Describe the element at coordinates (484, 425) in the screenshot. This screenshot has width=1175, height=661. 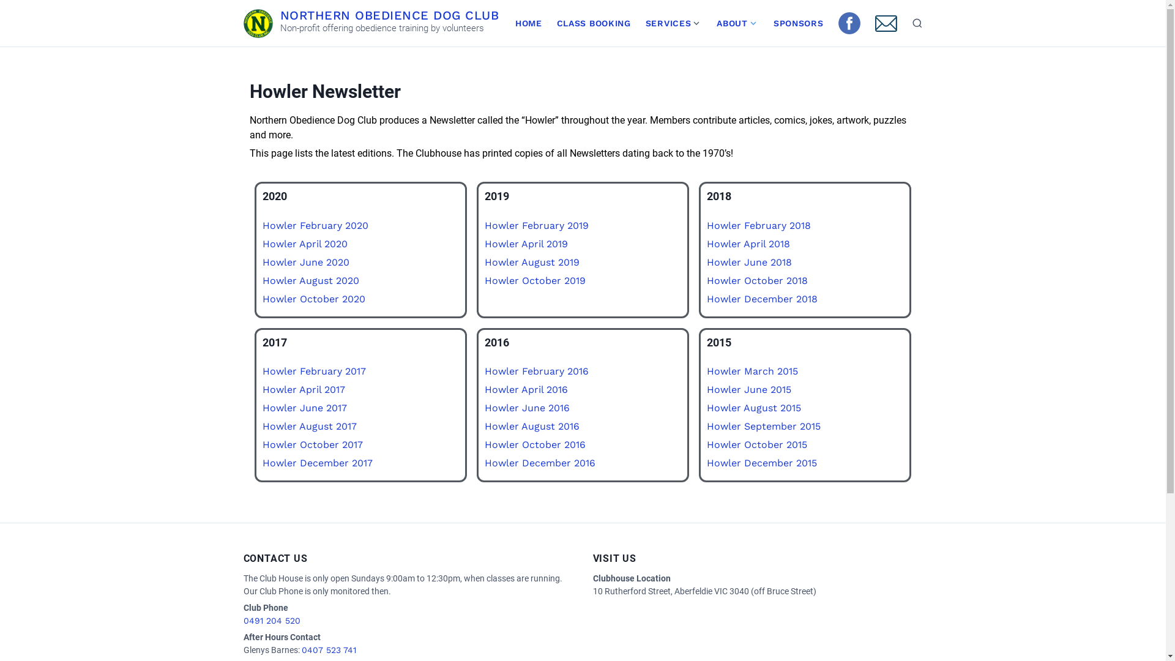
I see `'Howler August 2016'` at that location.